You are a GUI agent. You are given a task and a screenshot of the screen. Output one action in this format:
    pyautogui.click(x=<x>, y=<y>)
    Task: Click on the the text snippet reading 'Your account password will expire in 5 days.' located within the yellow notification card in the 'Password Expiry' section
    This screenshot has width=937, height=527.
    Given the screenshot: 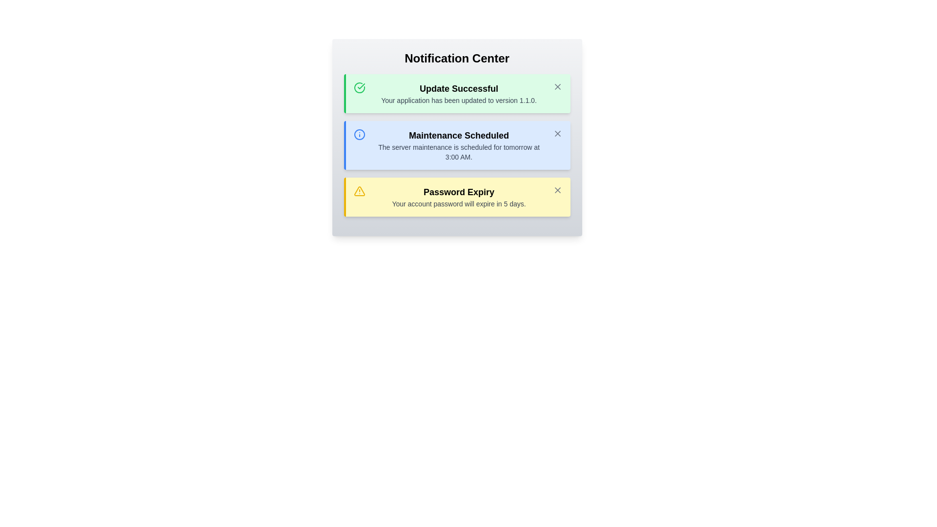 What is the action you would take?
    pyautogui.click(x=458, y=203)
    